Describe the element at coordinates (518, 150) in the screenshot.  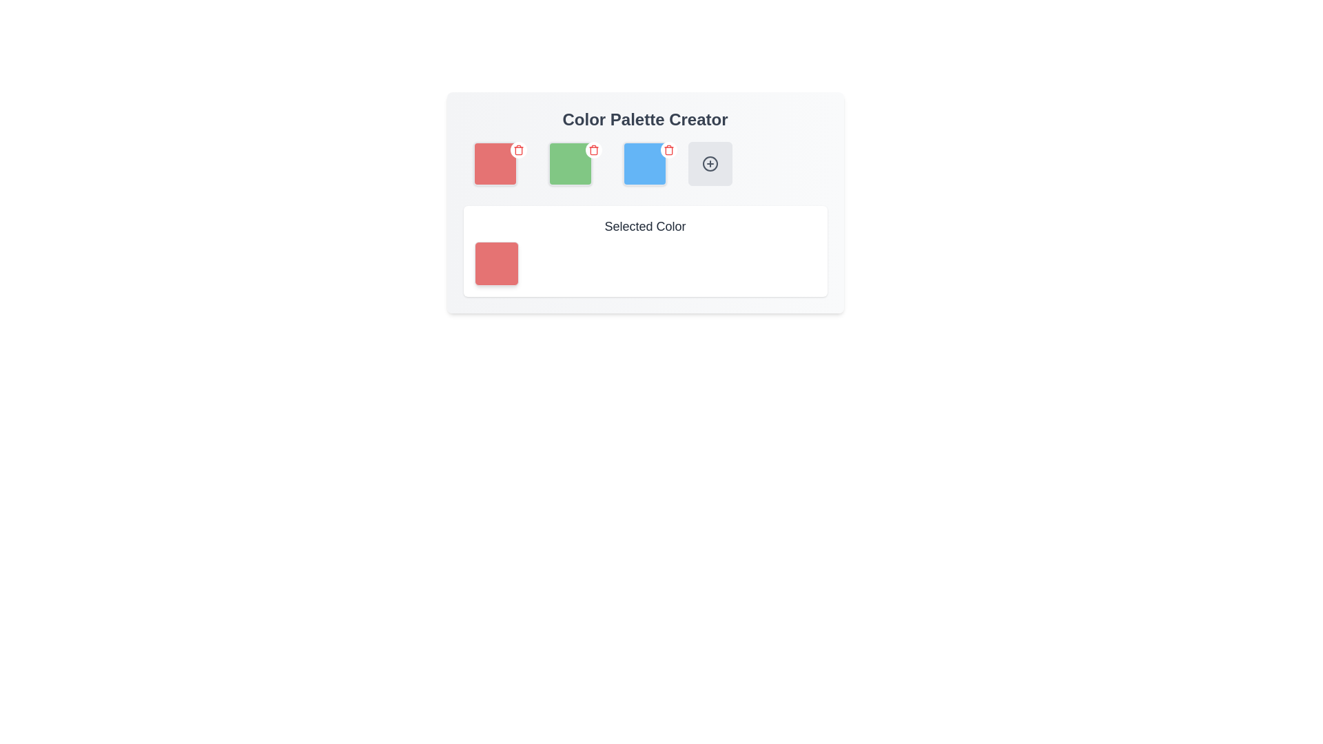
I see `the small circular button with a white background and a red trash can icon, located` at that location.